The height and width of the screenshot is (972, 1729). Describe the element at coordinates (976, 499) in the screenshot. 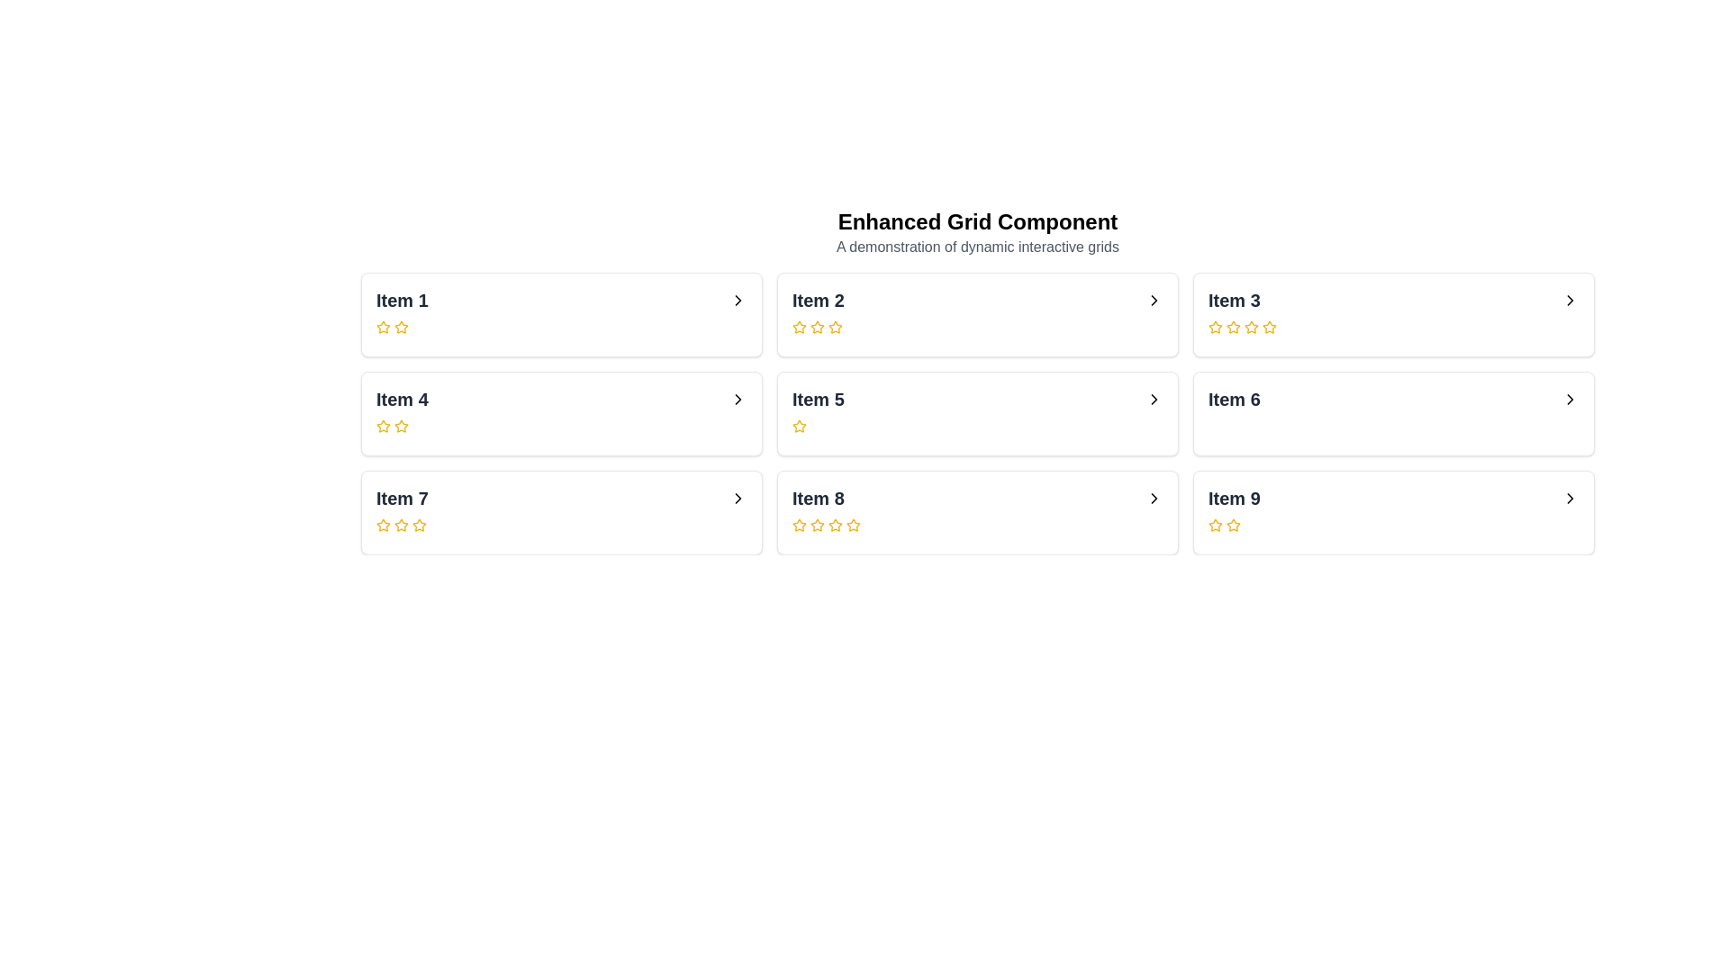

I see `the navigational entry for 'Item 8'` at that location.